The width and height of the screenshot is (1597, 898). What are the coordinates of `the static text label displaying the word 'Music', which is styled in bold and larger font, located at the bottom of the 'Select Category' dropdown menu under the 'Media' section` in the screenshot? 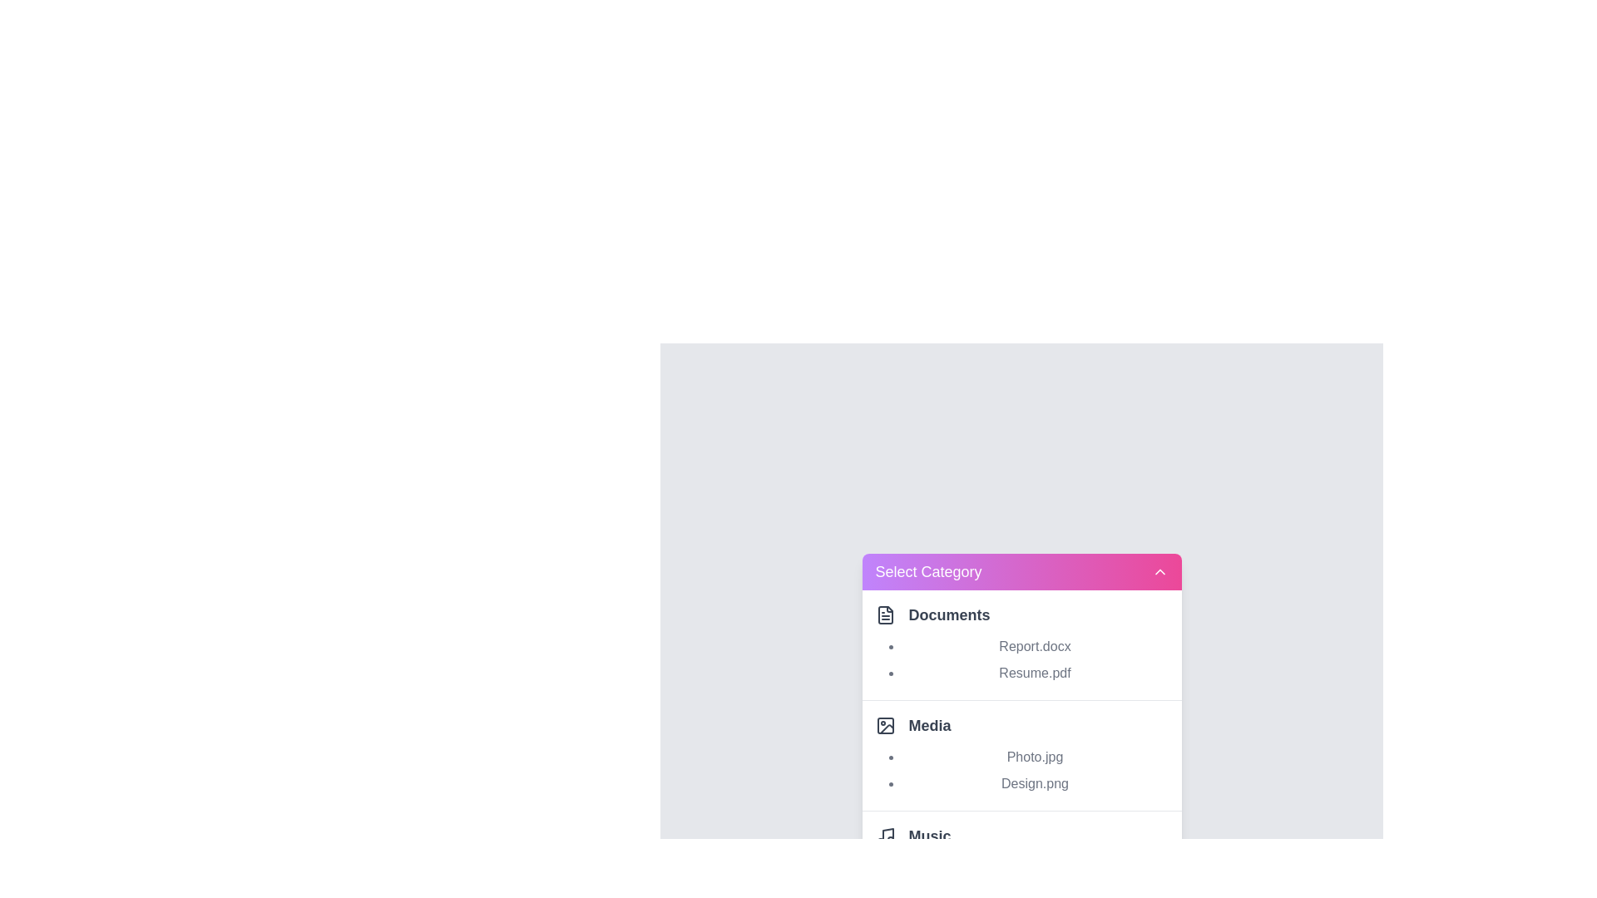 It's located at (929, 836).